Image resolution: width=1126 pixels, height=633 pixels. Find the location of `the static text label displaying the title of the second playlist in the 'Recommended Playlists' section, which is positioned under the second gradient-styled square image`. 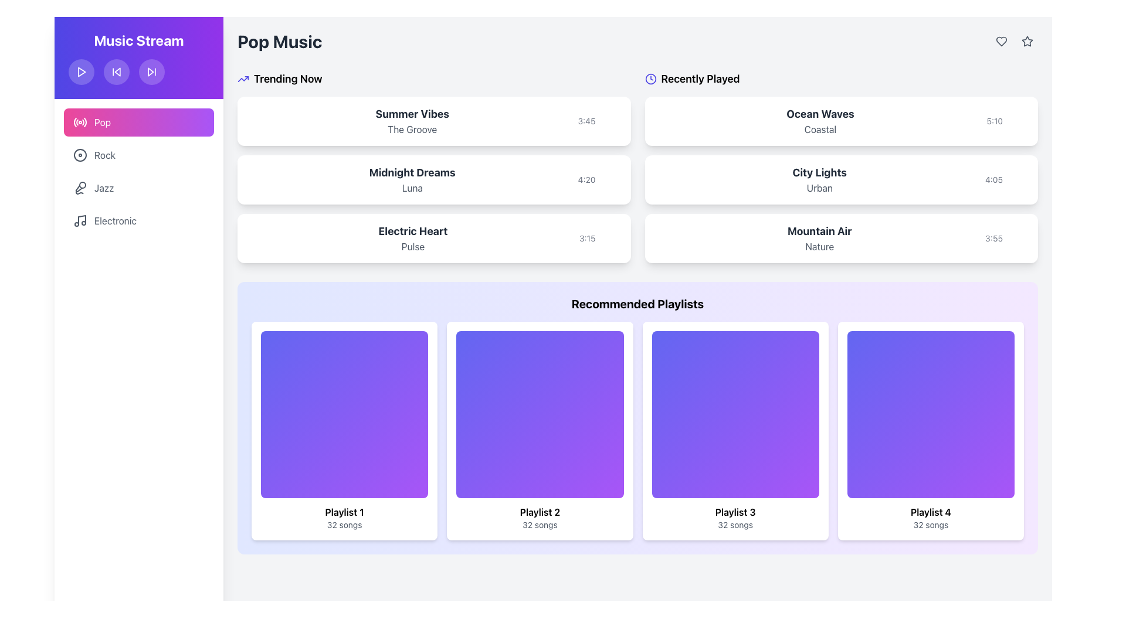

the static text label displaying the title of the second playlist in the 'Recommended Playlists' section, which is positioned under the second gradient-styled square image is located at coordinates (539, 512).